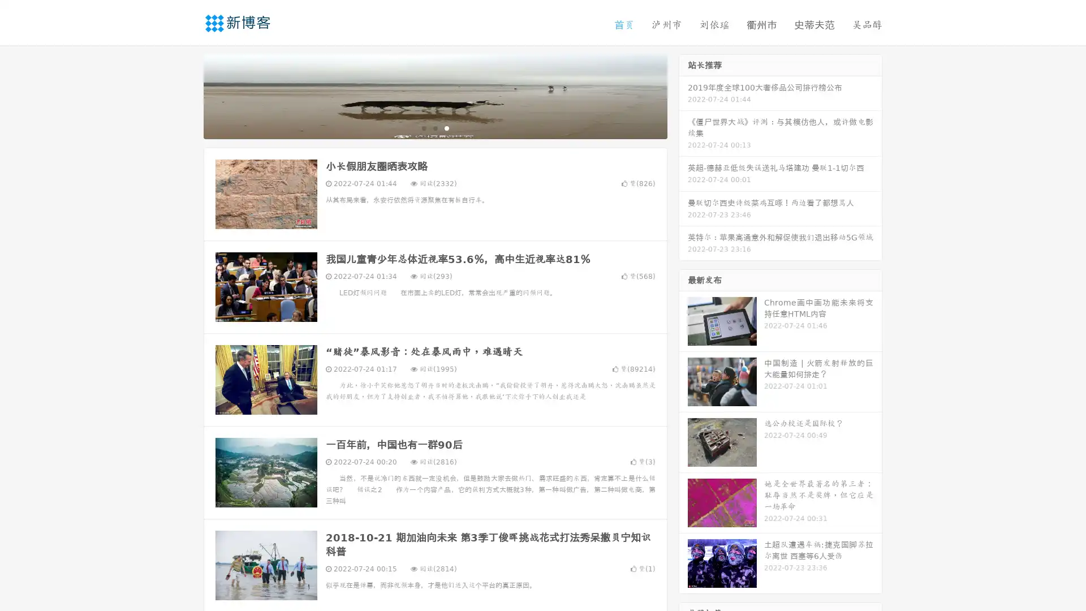 The height and width of the screenshot is (611, 1086). Describe the element at coordinates (187, 95) in the screenshot. I see `Previous slide` at that location.